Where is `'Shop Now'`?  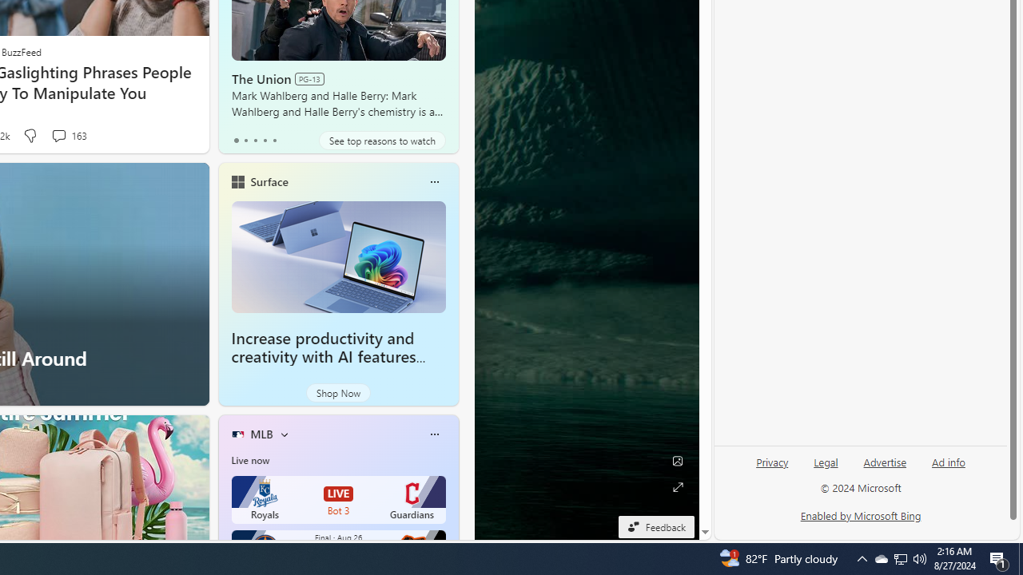
'Shop Now' is located at coordinates (337, 393).